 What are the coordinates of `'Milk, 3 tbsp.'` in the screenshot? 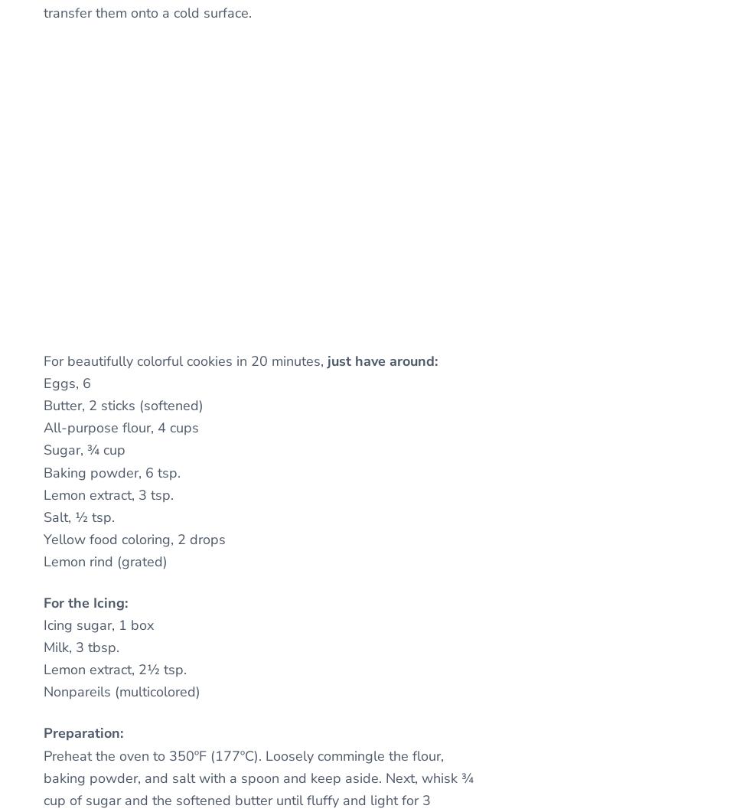 It's located at (80, 647).